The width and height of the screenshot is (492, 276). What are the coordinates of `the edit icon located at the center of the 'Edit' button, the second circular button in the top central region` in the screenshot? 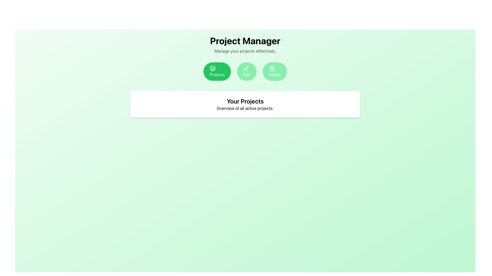 It's located at (246, 68).